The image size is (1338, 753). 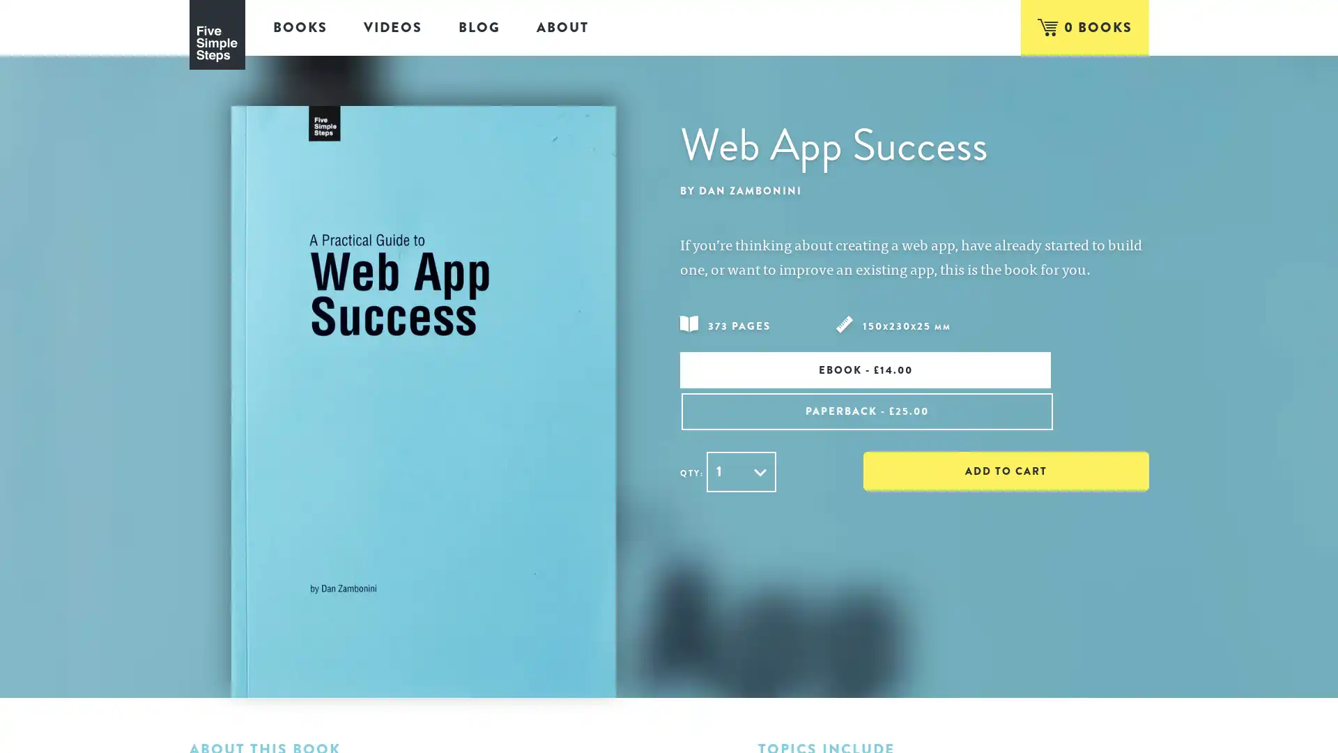 What do you see at coordinates (995, 424) in the screenshot?
I see `Add to cart` at bounding box center [995, 424].